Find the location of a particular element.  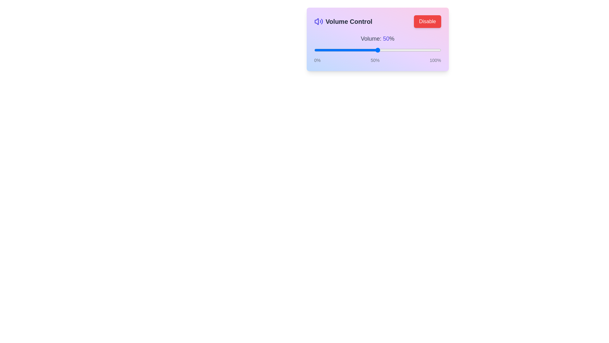

the 'Volume Control' label that features a volume icon and bold dark font, located at the top-left corner next to the 'Disable' button is located at coordinates (343, 21).